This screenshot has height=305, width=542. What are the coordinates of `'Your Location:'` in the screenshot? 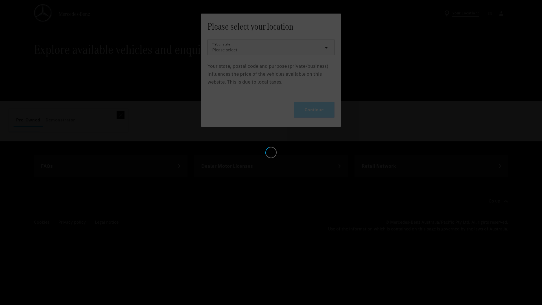 It's located at (461, 13).